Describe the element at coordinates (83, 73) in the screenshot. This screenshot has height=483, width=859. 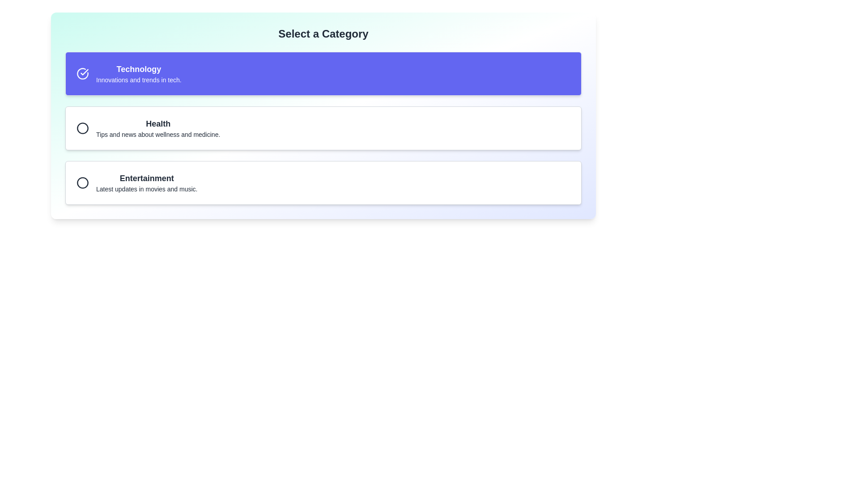
I see `the selection status represented by the circular icon with a checkmark symbol, located to the left of the 'Technology' label in the purple background area` at that location.